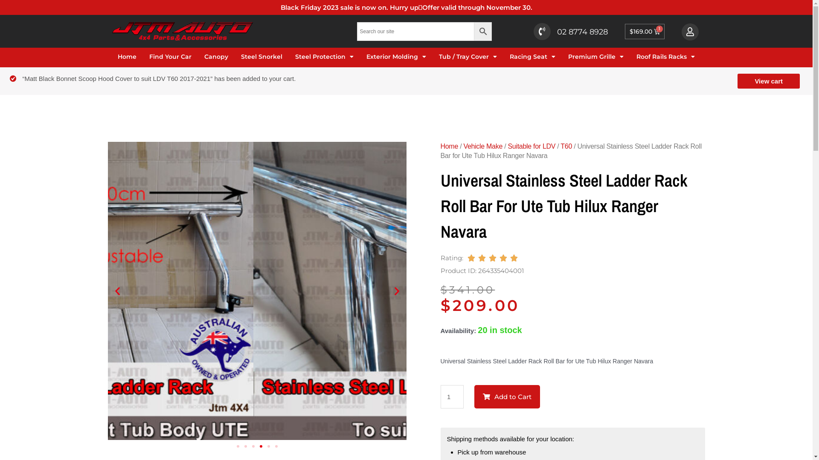  Describe the element at coordinates (510, 57) in the screenshot. I see `'Racing Seat'` at that location.